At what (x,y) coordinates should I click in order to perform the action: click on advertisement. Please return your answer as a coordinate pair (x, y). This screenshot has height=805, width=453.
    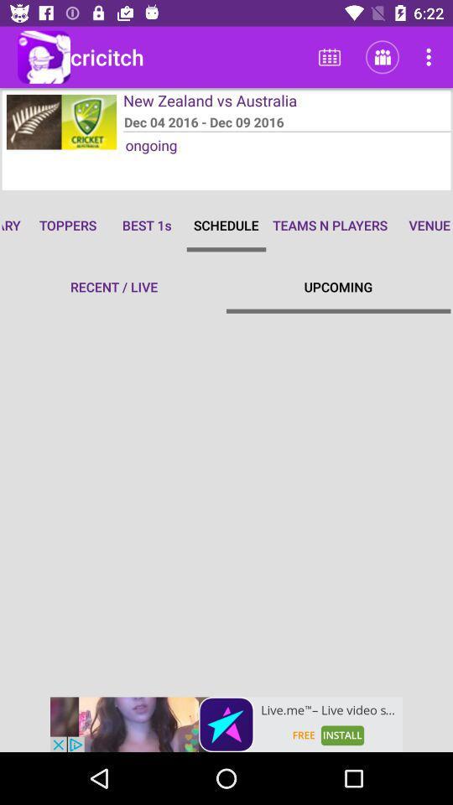
    Looking at the image, I should click on (226, 724).